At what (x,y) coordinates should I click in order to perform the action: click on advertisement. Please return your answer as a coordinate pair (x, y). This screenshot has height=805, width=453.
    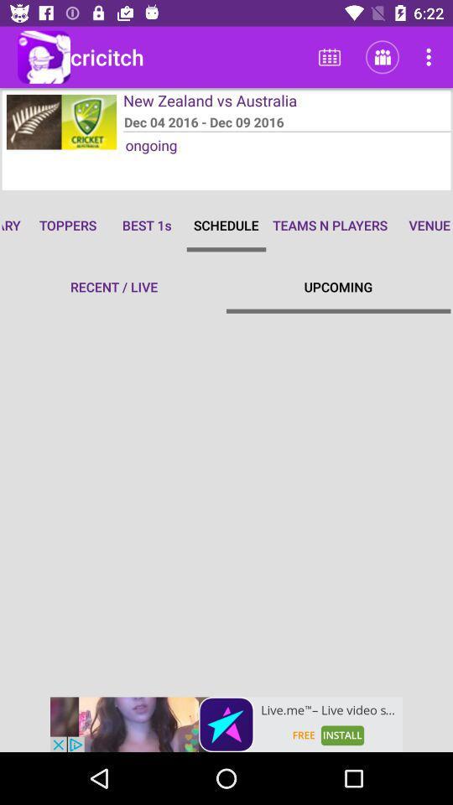
    Looking at the image, I should click on (226, 724).